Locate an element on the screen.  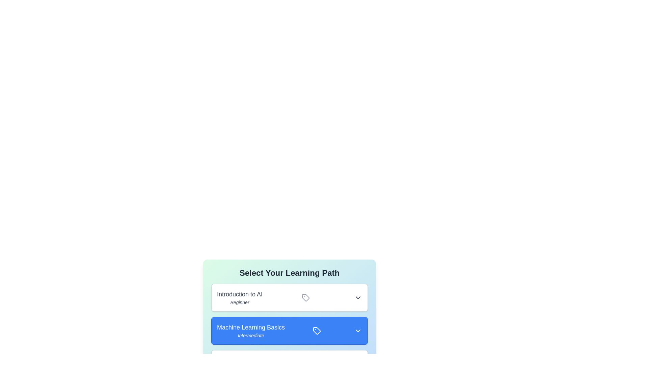
the dropdown button of the learning path Machine Learning Basics to expand or collapse its details is located at coordinates (357, 331).